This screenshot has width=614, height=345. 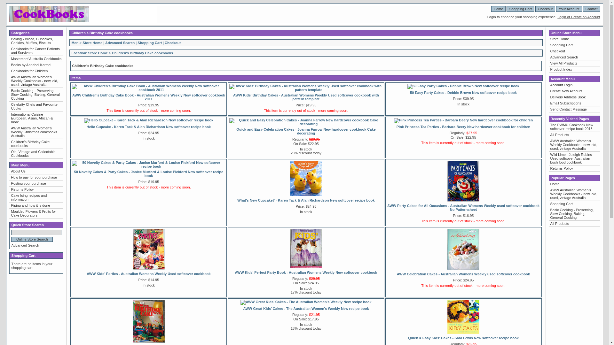 What do you see at coordinates (545, 9) in the screenshot?
I see `'Checkout'` at bounding box center [545, 9].